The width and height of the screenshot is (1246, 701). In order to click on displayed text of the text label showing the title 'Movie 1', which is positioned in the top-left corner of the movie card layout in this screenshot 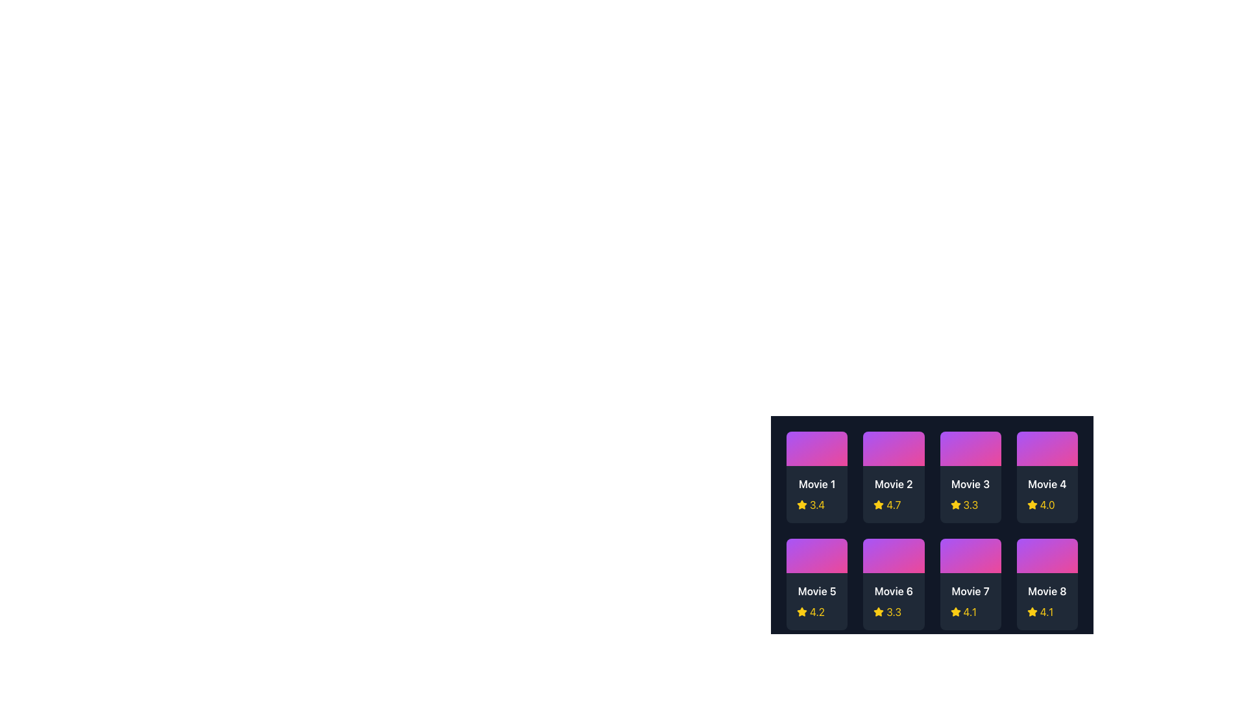, I will do `click(816, 484)`.